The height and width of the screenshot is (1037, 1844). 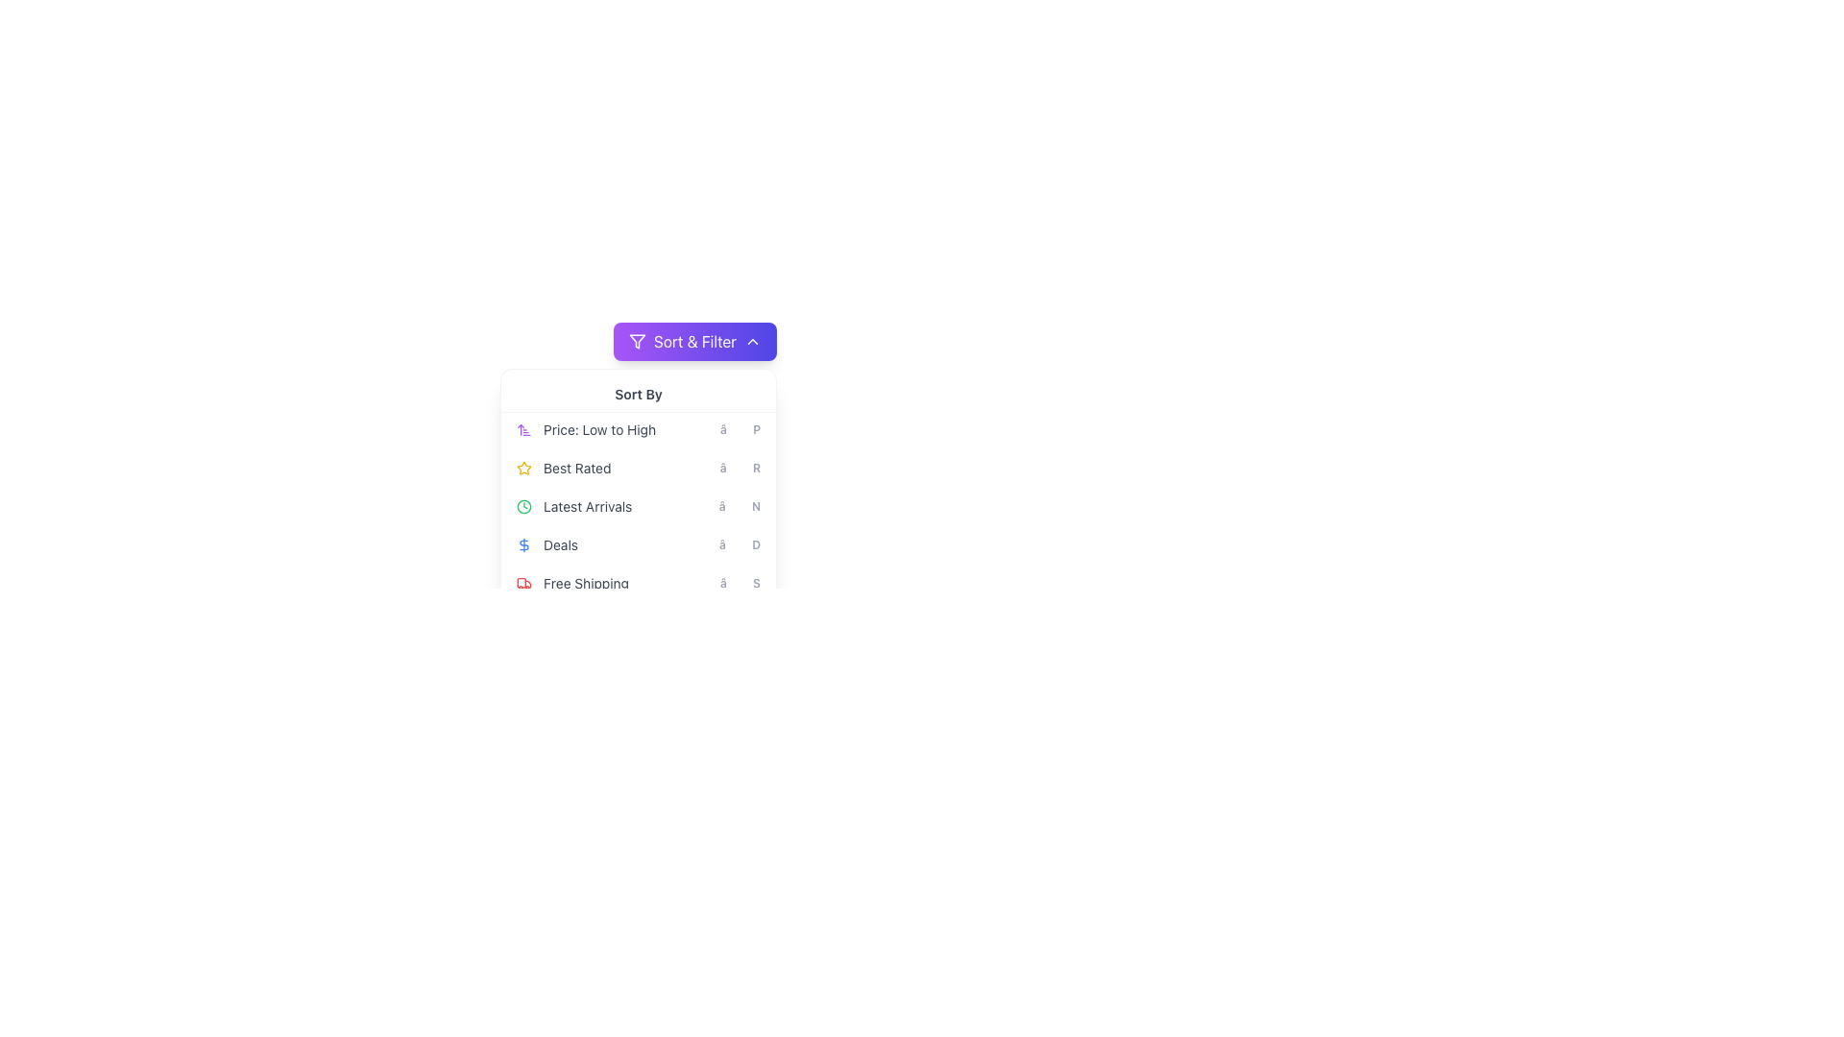 What do you see at coordinates (694, 340) in the screenshot?
I see `the active 'Sort & Filter' button with a gradient background and white icons` at bounding box center [694, 340].